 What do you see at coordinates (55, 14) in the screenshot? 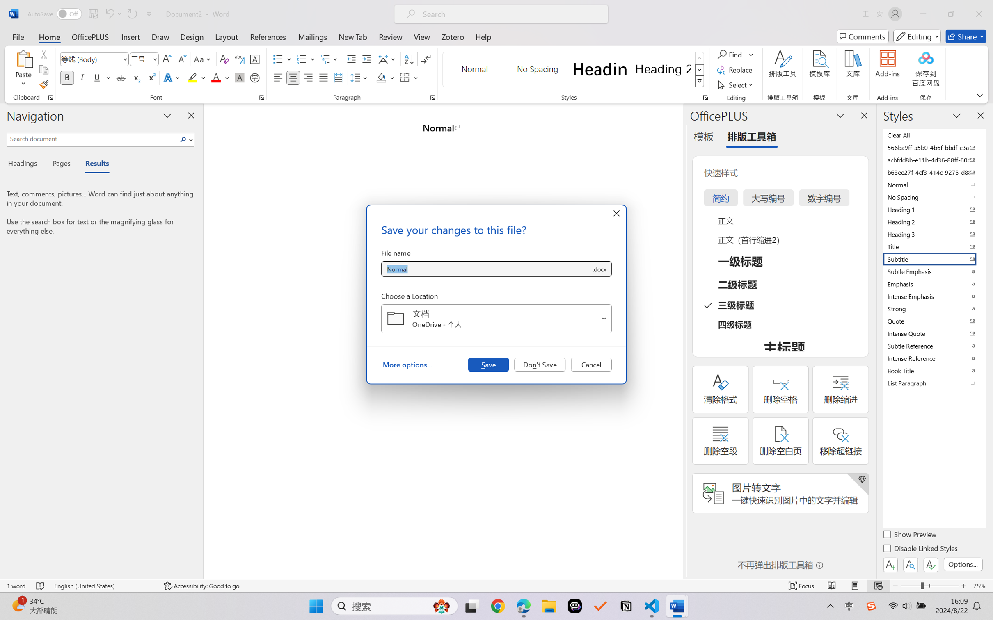
I see `'AutoSave'` at bounding box center [55, 14].